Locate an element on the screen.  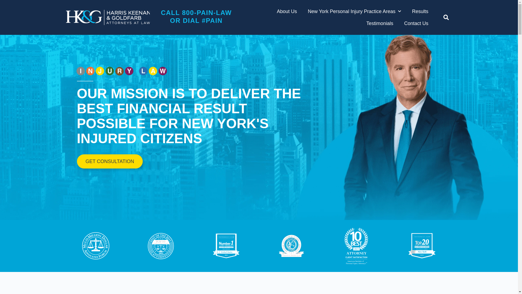
'Contact Us' is located at coordinates (404, 23).